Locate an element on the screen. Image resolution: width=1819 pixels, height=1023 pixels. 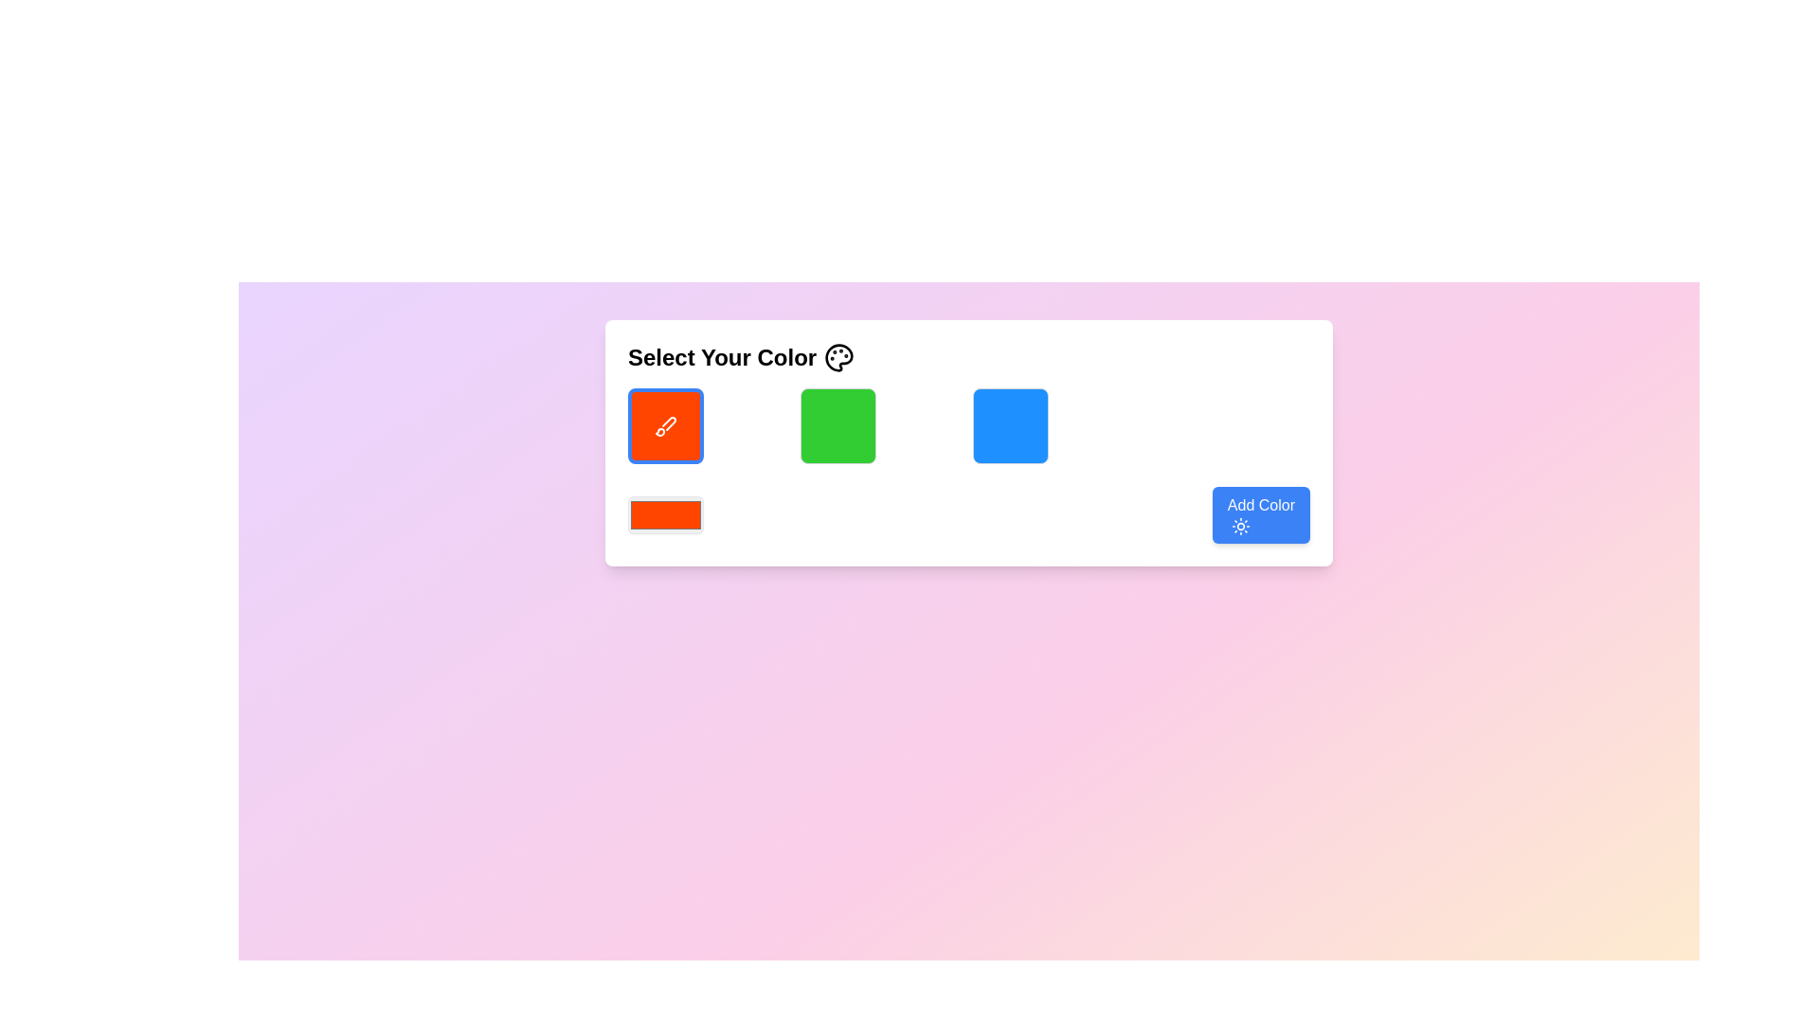
the orange color selection button located in the first position of the four-column grid layout is located at coordinates (665, 426).